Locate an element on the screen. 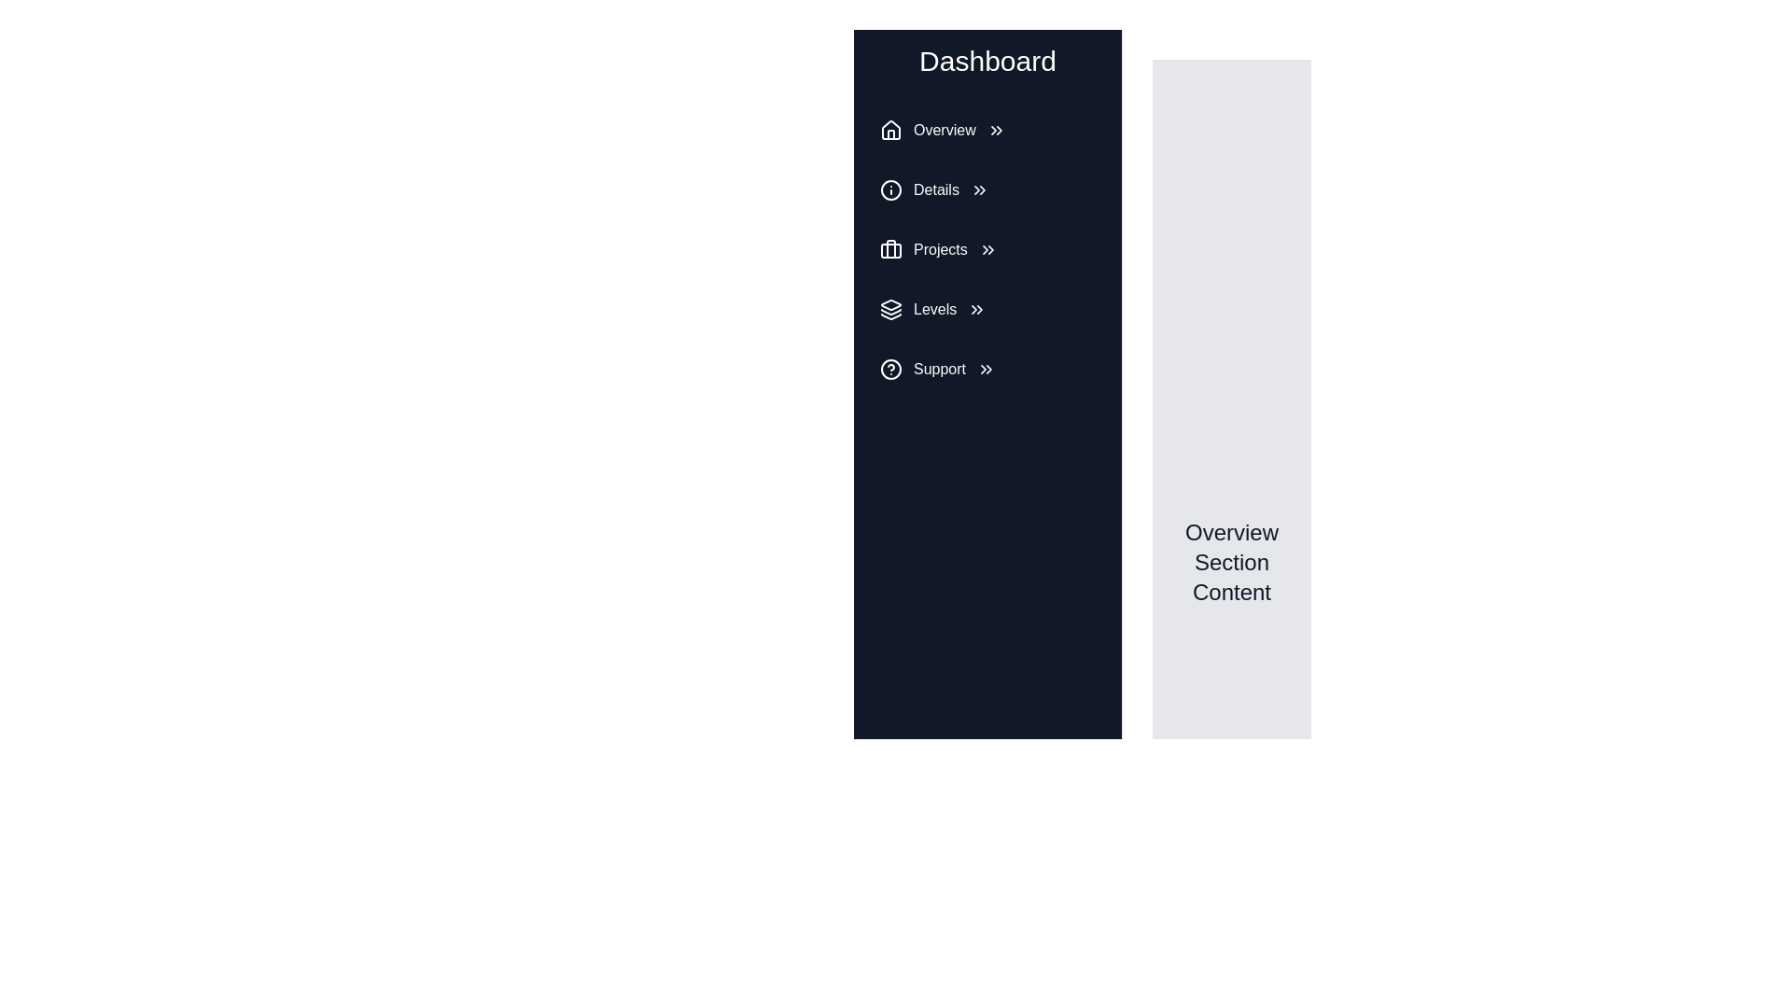 The height and width of the screenshot is (1008, 1792). the 'Projects' text label located in the vertical sidebar menu is located at coordinates (940, 248).